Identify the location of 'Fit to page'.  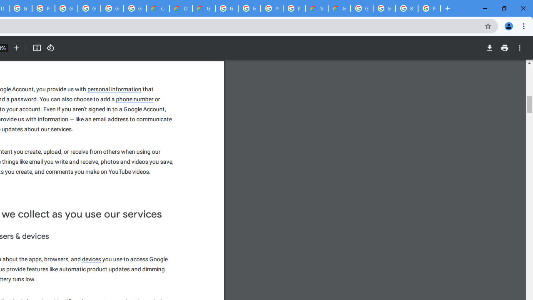
(36, 48).